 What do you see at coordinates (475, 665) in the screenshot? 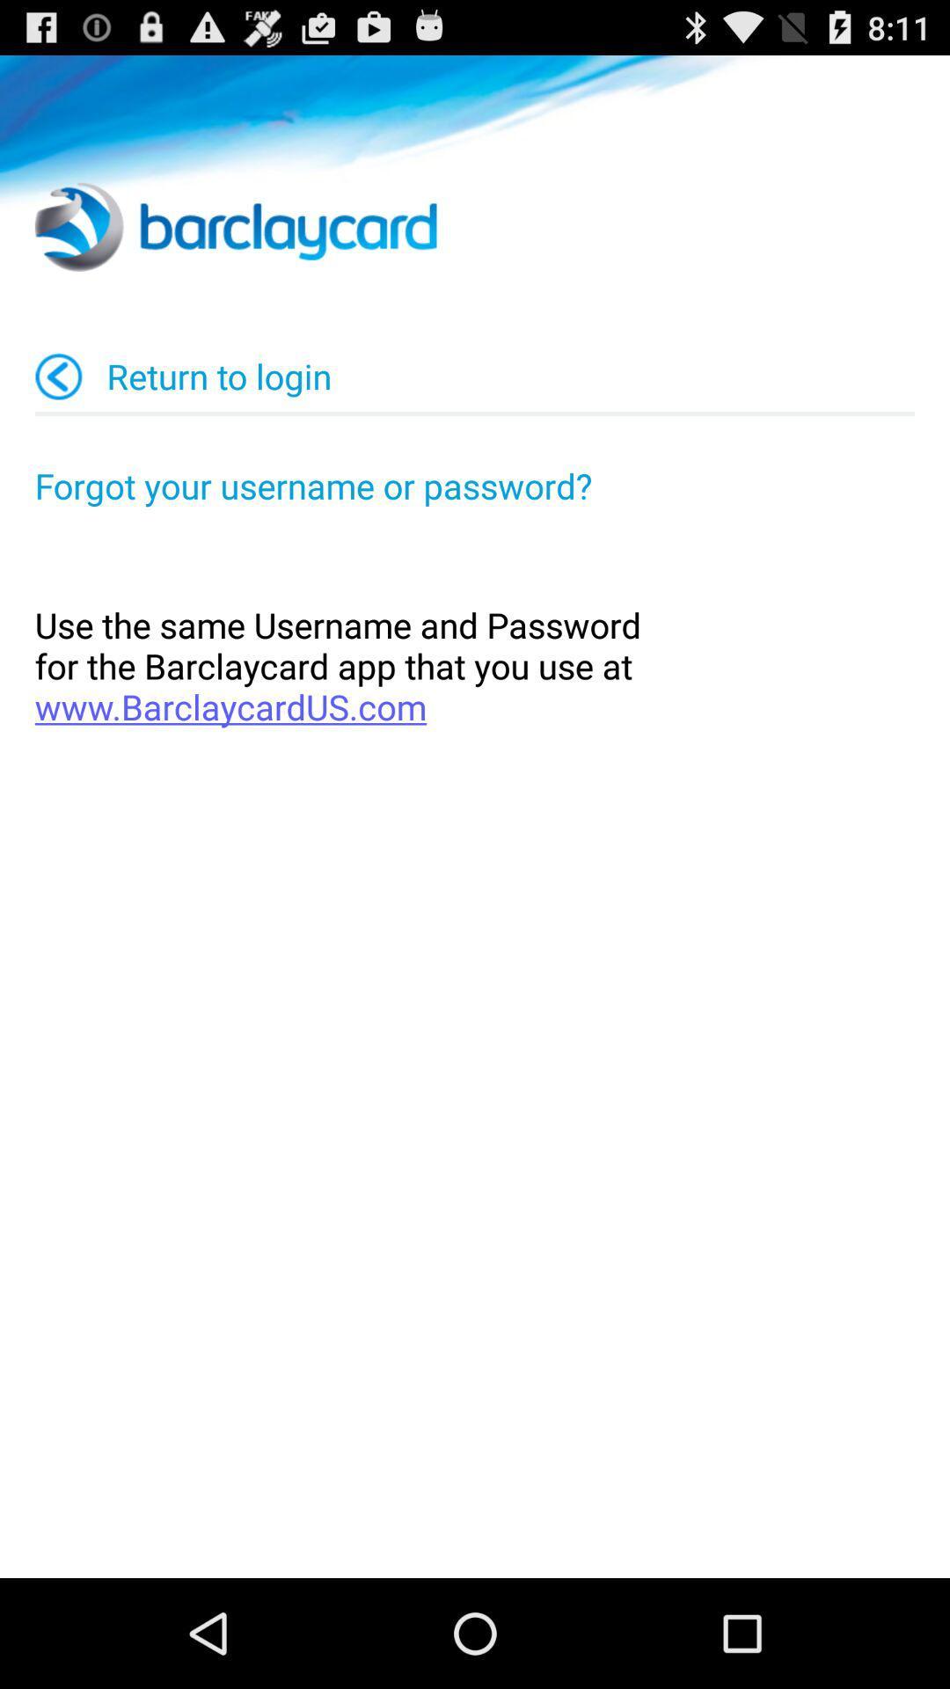
I see `the item at the center` at bounding box center [475, 665].